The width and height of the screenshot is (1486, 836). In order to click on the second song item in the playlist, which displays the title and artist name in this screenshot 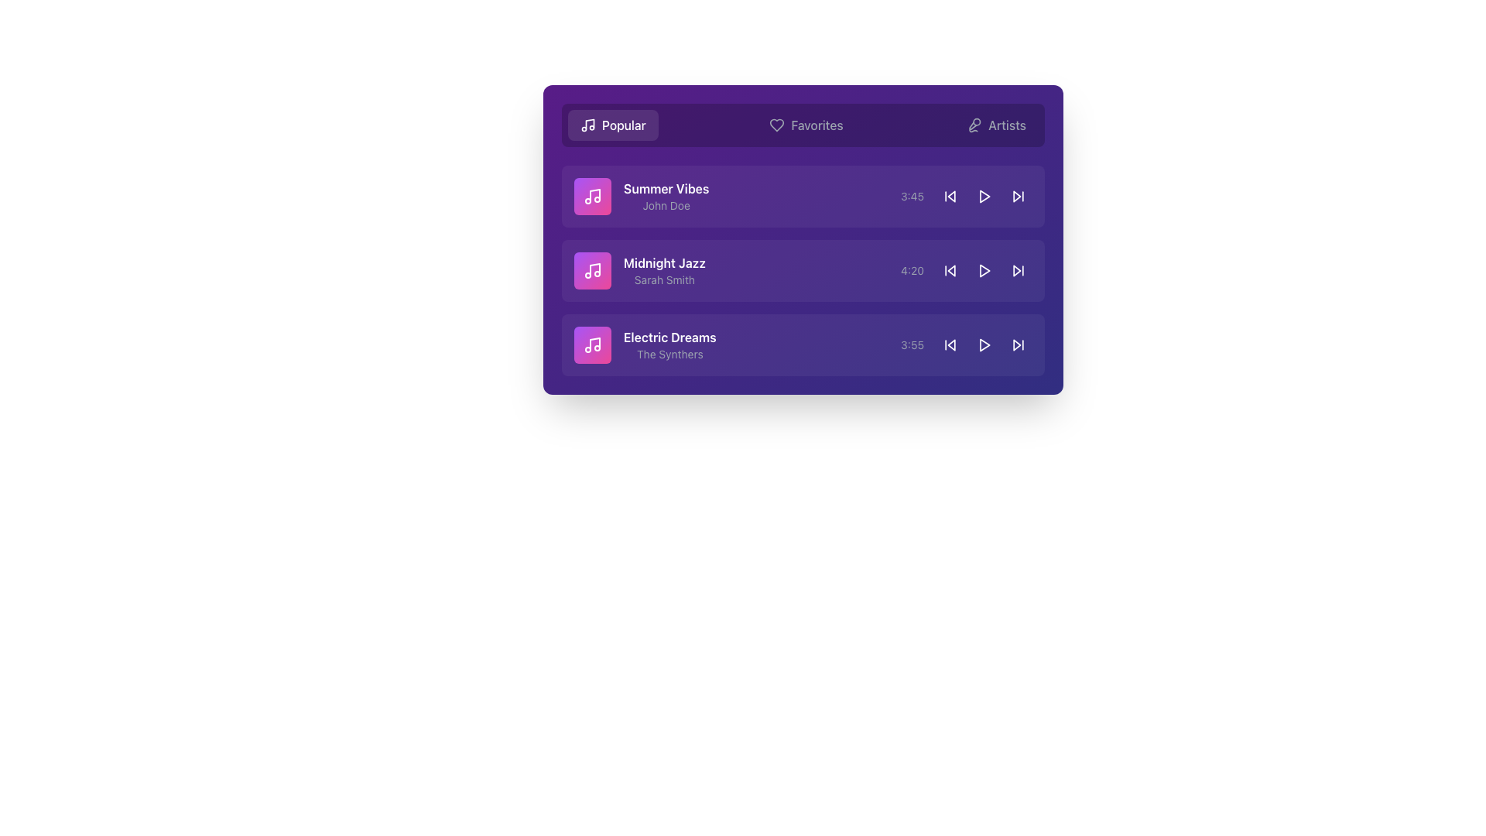, I will do `click(639, 270)`.